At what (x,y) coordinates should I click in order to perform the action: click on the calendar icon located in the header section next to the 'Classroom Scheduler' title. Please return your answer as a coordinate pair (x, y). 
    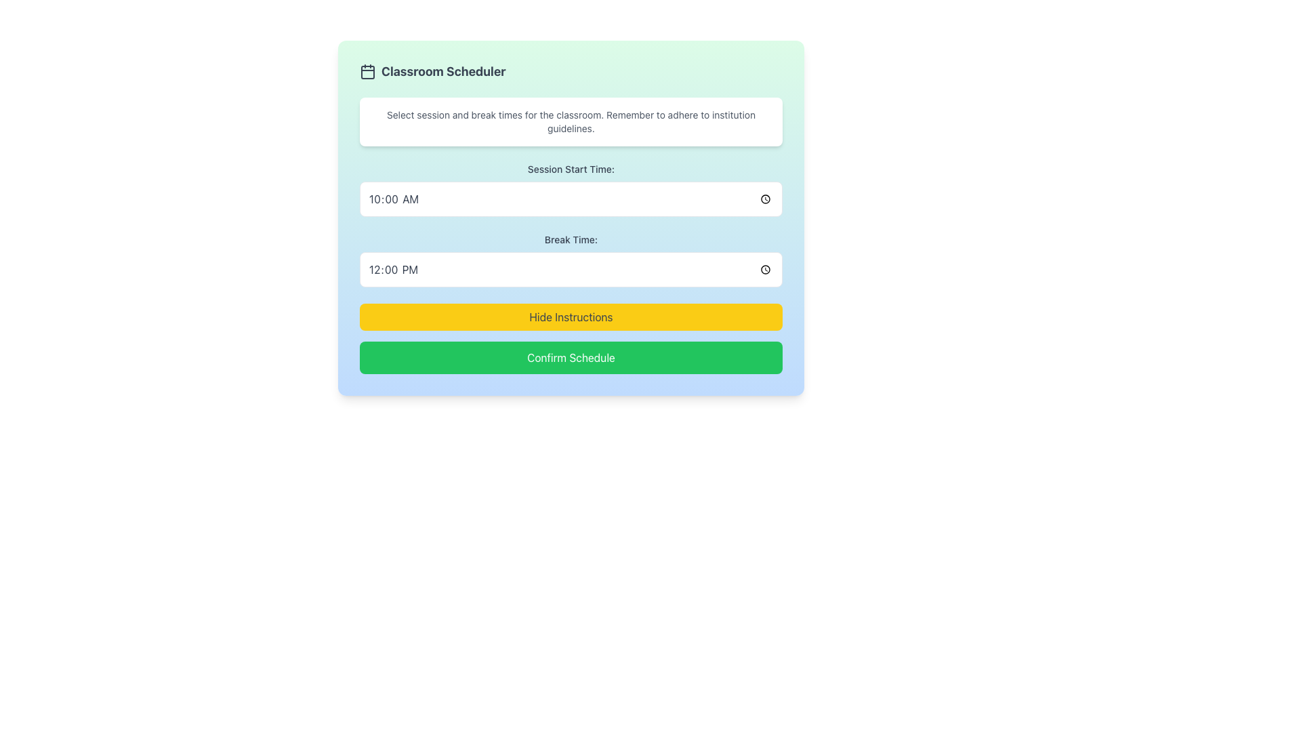
    Looking at the image, I should click on (367, 71).